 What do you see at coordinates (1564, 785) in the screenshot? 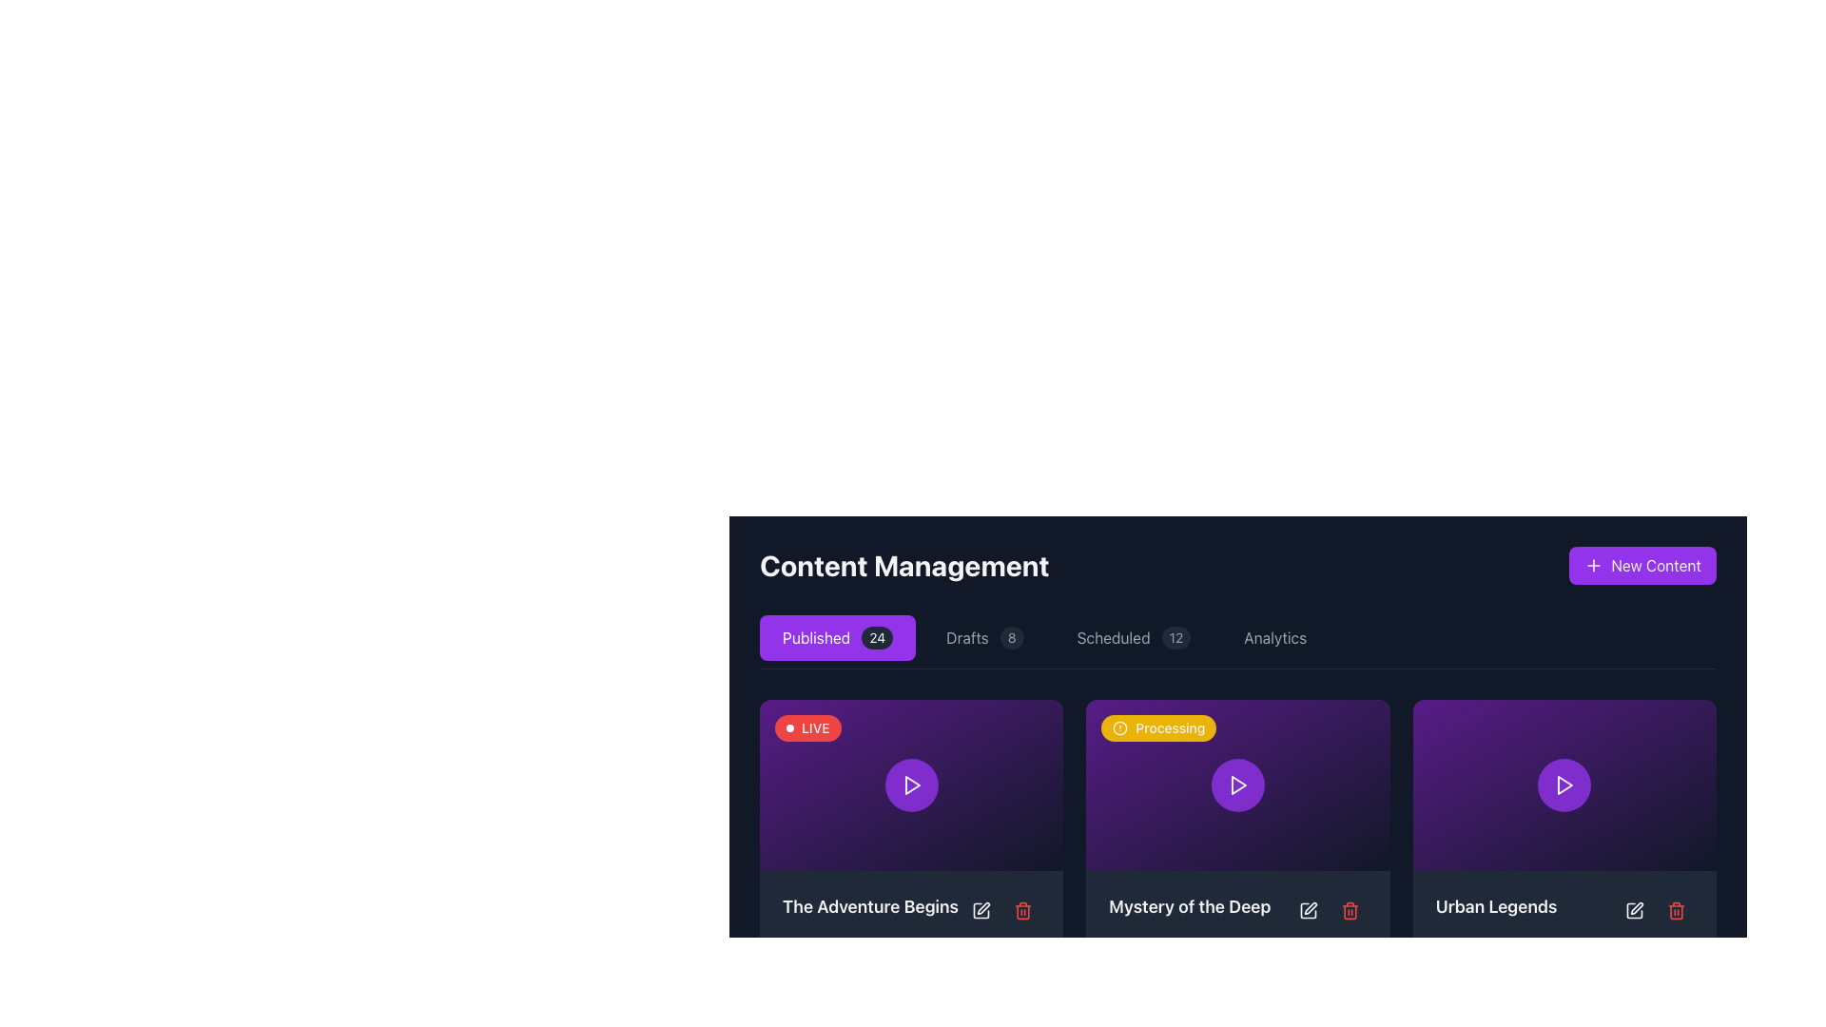
I see `the Play button located in the 'Urban Legends' section at the center of the circular button` at bounding box center [1564, 785].